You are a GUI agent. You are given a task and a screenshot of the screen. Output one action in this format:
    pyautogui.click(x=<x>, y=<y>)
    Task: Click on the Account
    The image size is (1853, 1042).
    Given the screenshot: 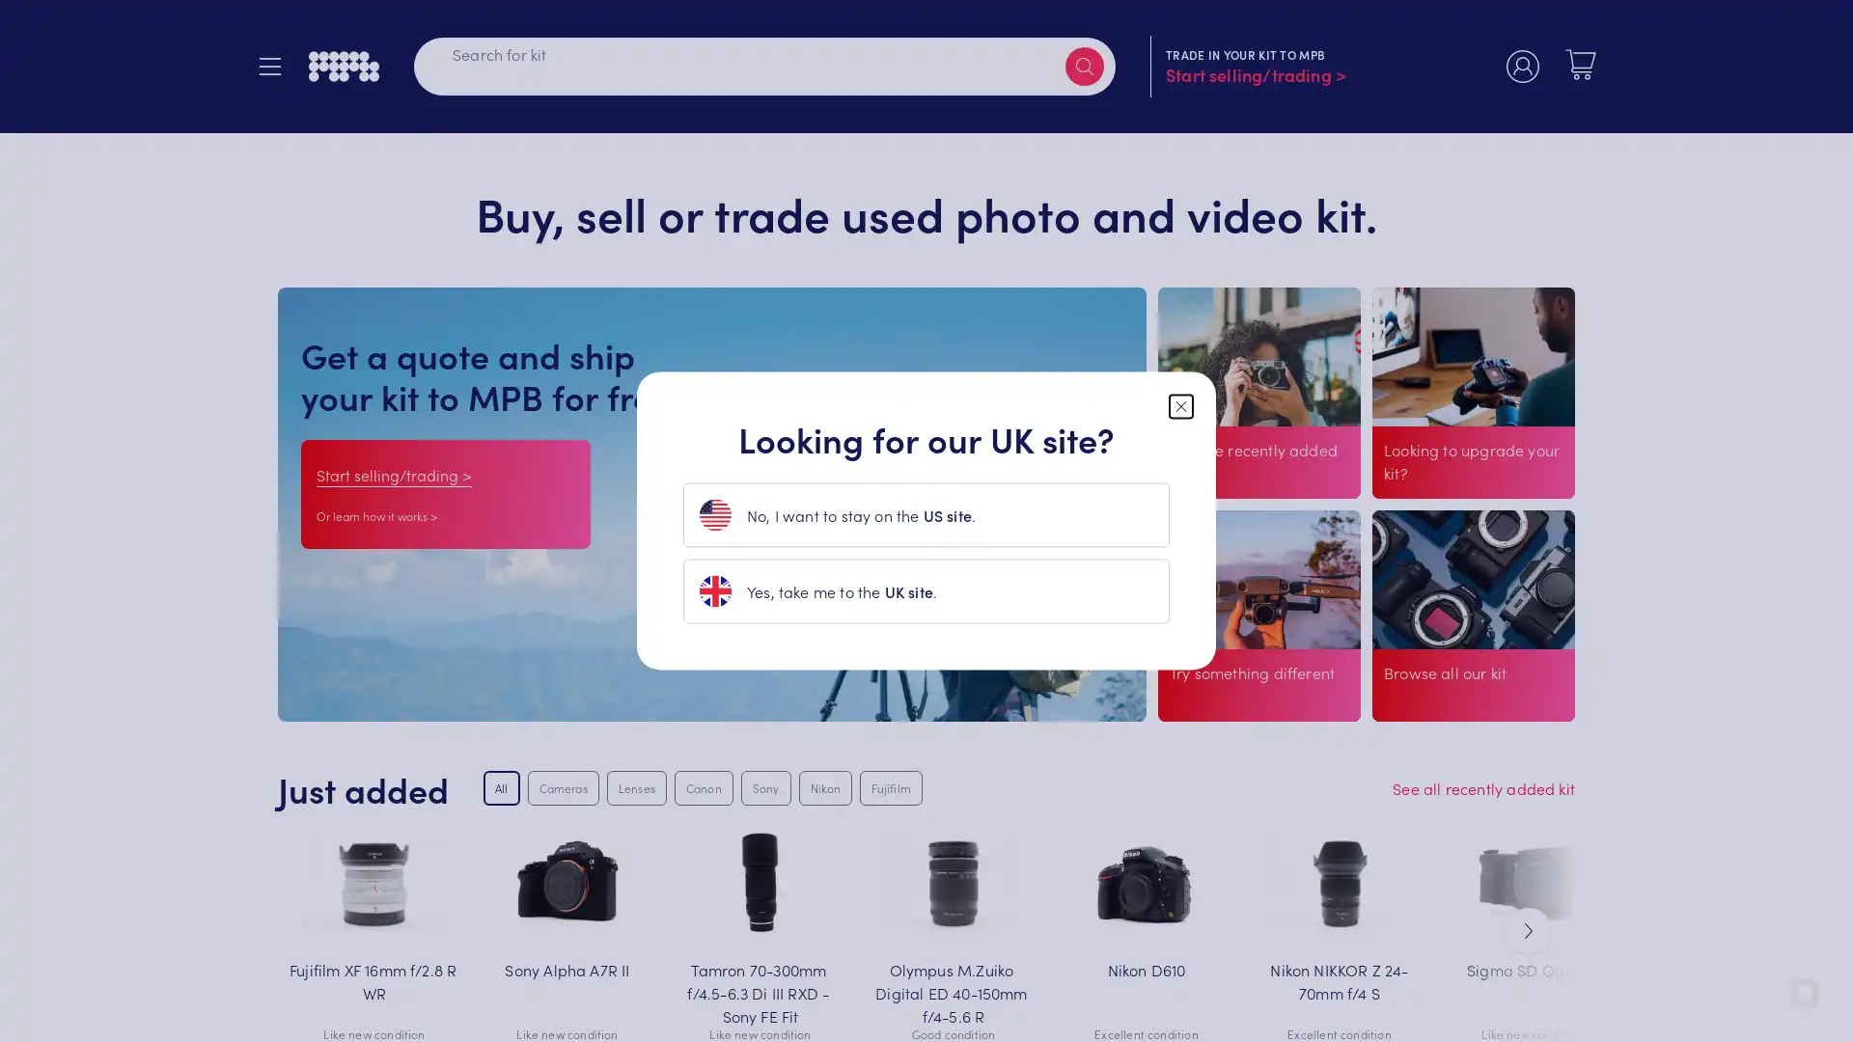 What is the action you would take?
    pyautogui.click(x=1522, y=69)
    